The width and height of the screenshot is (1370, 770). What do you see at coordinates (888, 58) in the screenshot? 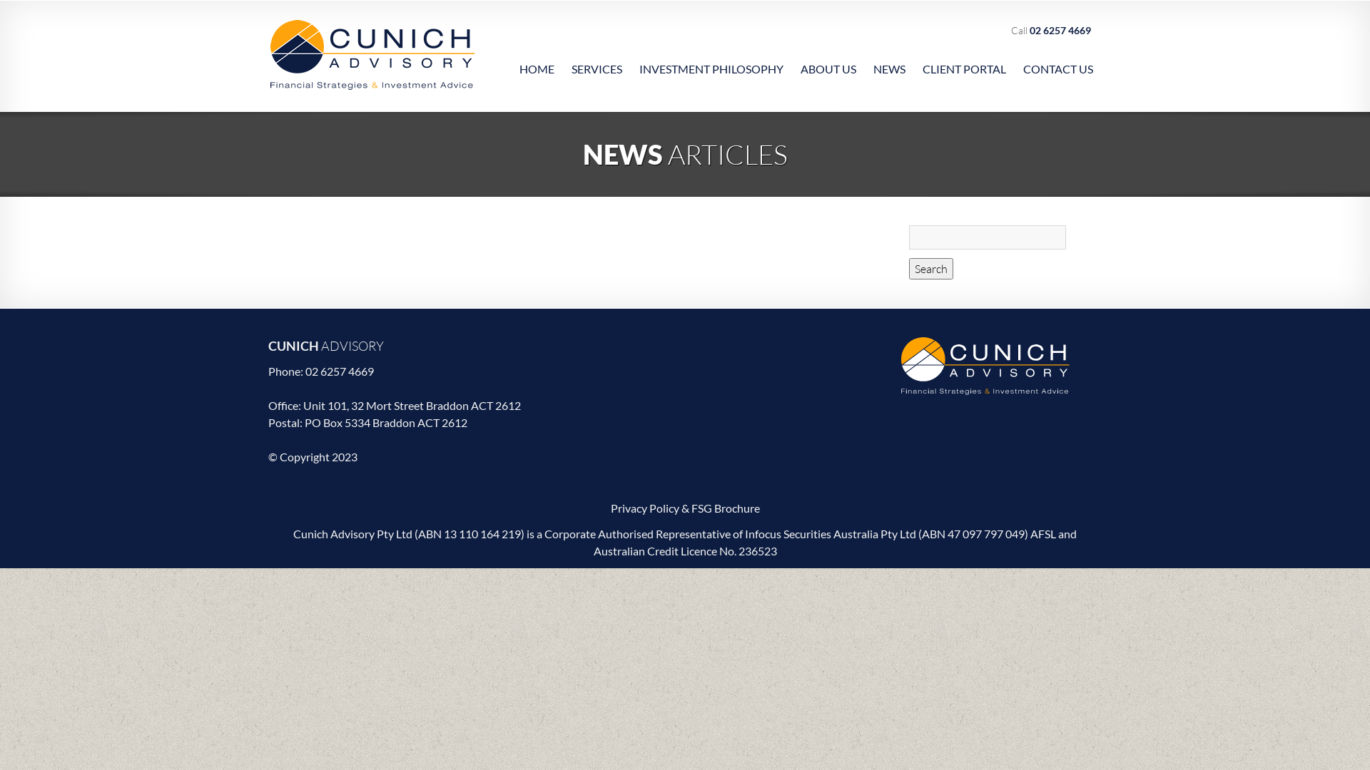
I see `'NEWS'` at bounding box center [888, 58].